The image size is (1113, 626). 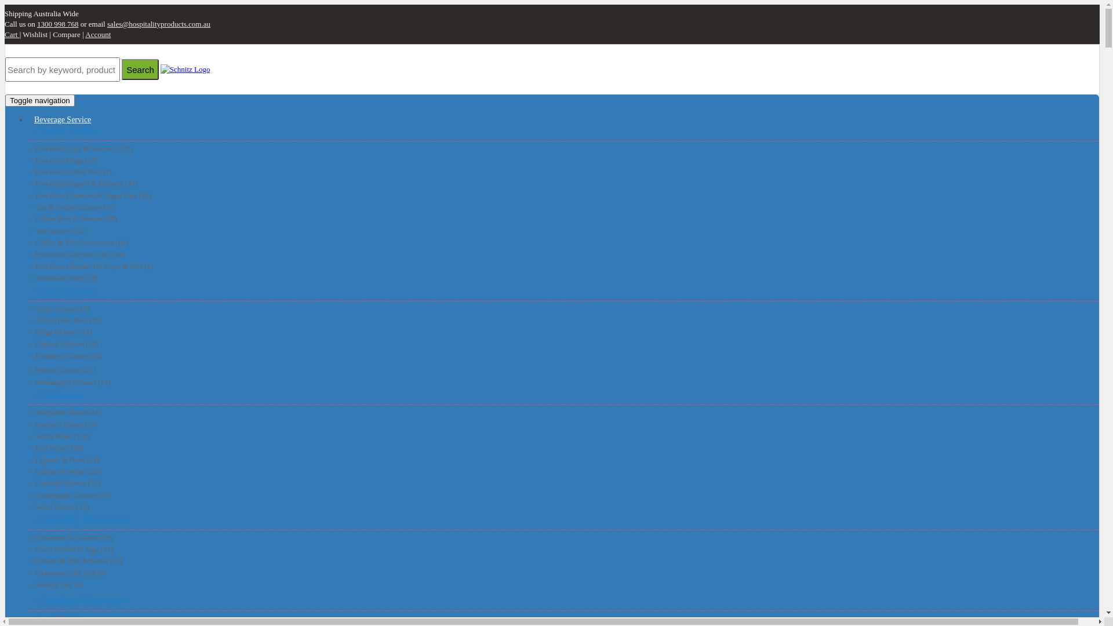 What do you see at coordinates (30, 195) in the screenshot?
I see `'Porcelain Creamers & Sugar Pots (42)'` at bounding box center [30, 195].